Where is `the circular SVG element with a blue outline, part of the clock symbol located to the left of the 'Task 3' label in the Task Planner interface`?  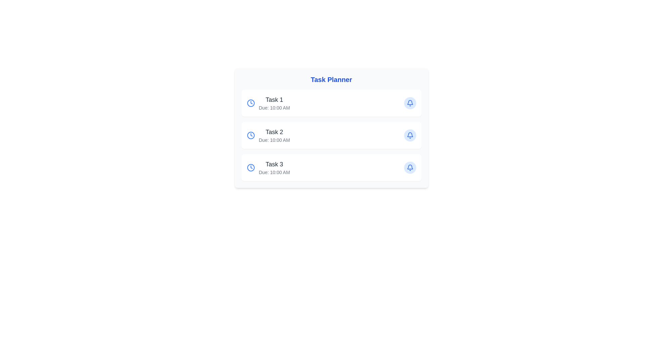 the circular SVG element with a blue outline, part of the clock symbol located to the left of the 'Task 3' label in the Task Planner interface is located at coordinates (250, 167).